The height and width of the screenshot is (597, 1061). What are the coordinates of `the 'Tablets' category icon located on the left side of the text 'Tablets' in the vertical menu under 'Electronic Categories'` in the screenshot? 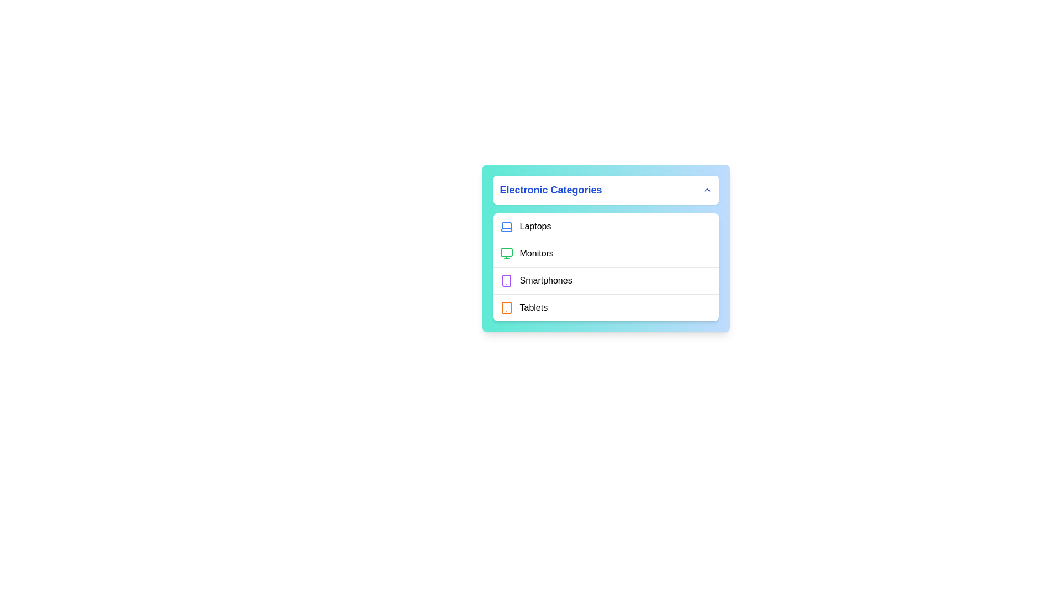 It's located at (506, 307).